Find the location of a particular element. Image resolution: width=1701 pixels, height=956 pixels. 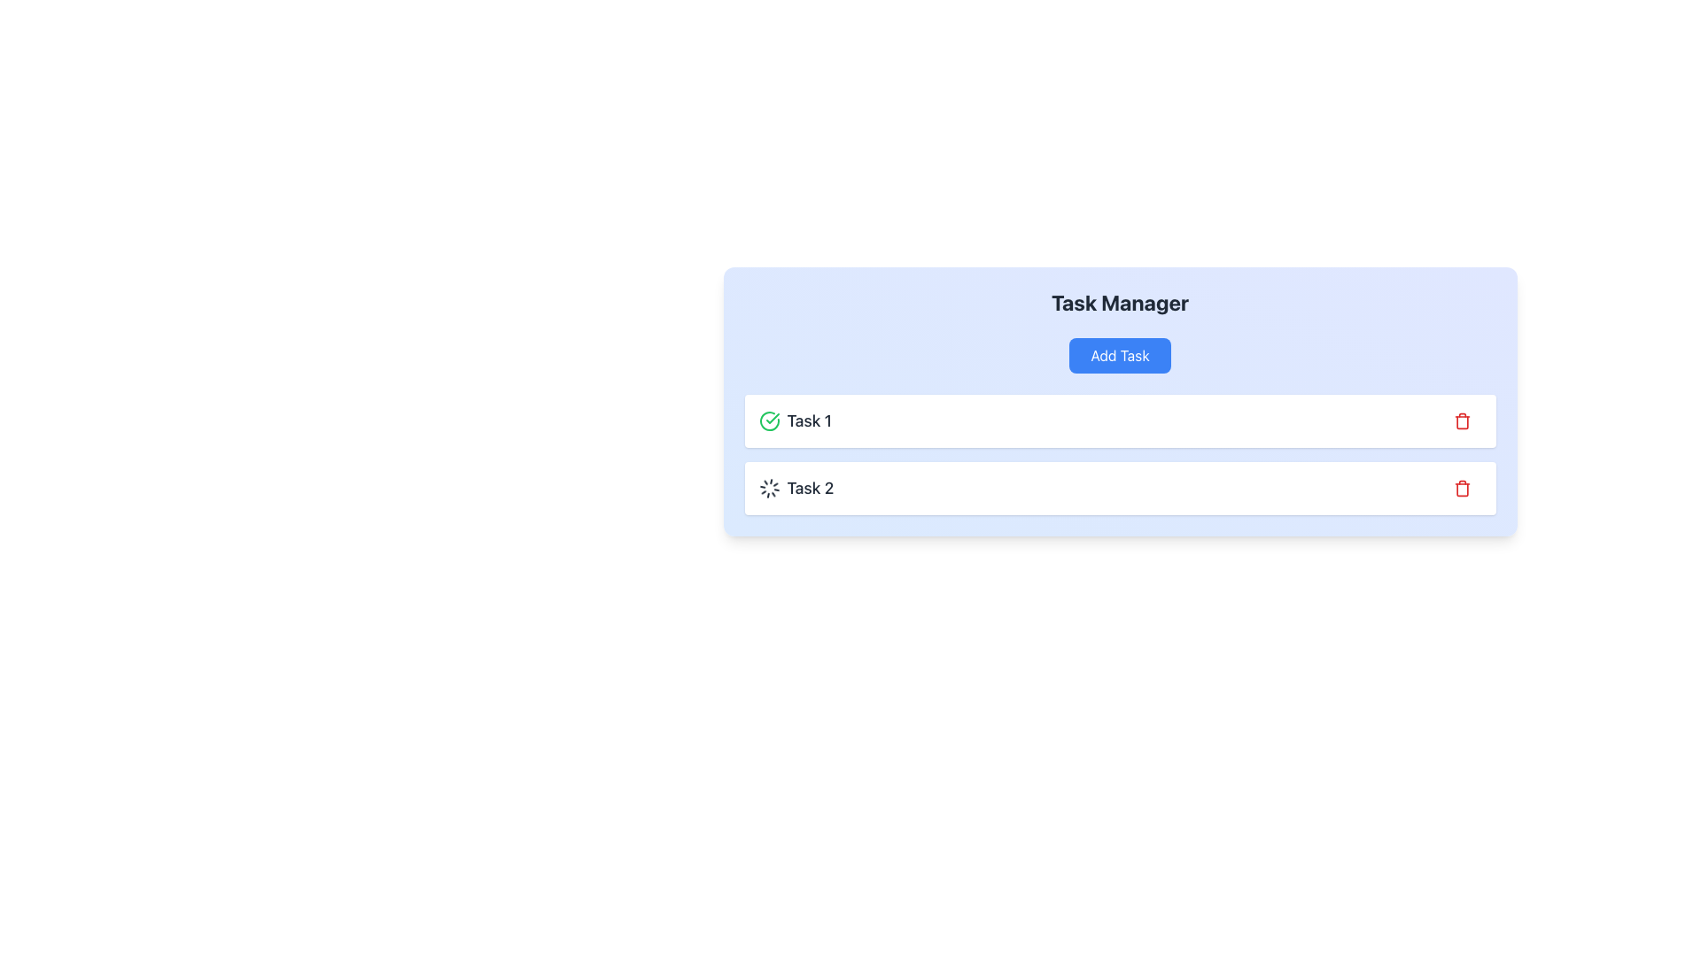

the 'Delete' icon located at the right end of the second task row in the 'Task Manager' is located at coordinates (1462, 488).